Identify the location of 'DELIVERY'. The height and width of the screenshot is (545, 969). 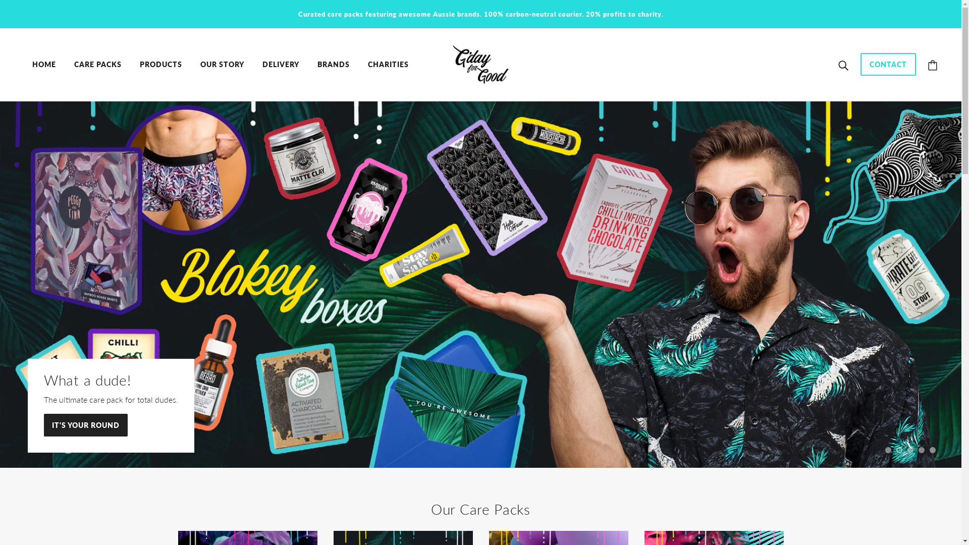
(281, 64).